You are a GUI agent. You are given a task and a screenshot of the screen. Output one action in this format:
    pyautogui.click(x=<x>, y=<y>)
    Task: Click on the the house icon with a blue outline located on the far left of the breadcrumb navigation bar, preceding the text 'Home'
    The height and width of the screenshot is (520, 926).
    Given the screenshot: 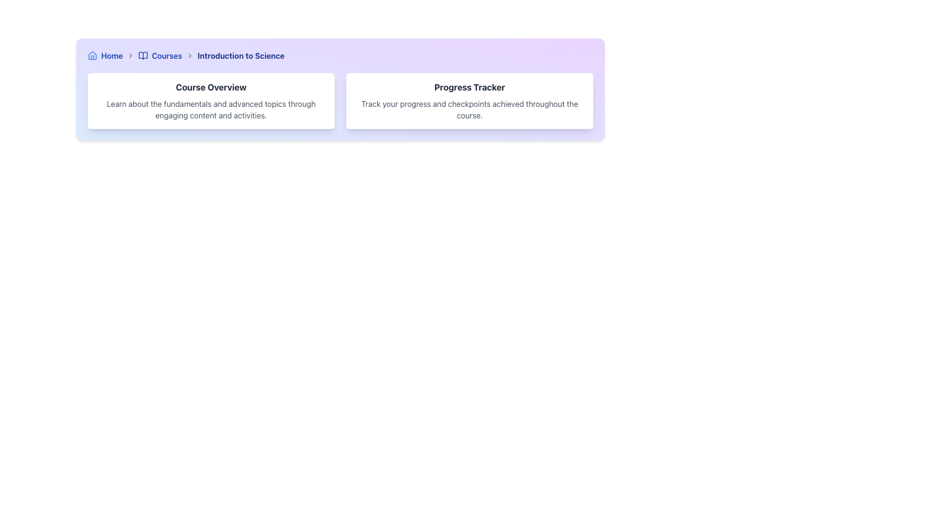 What is the action you would take?
    pyautogui.click(x=93, y=55)
    